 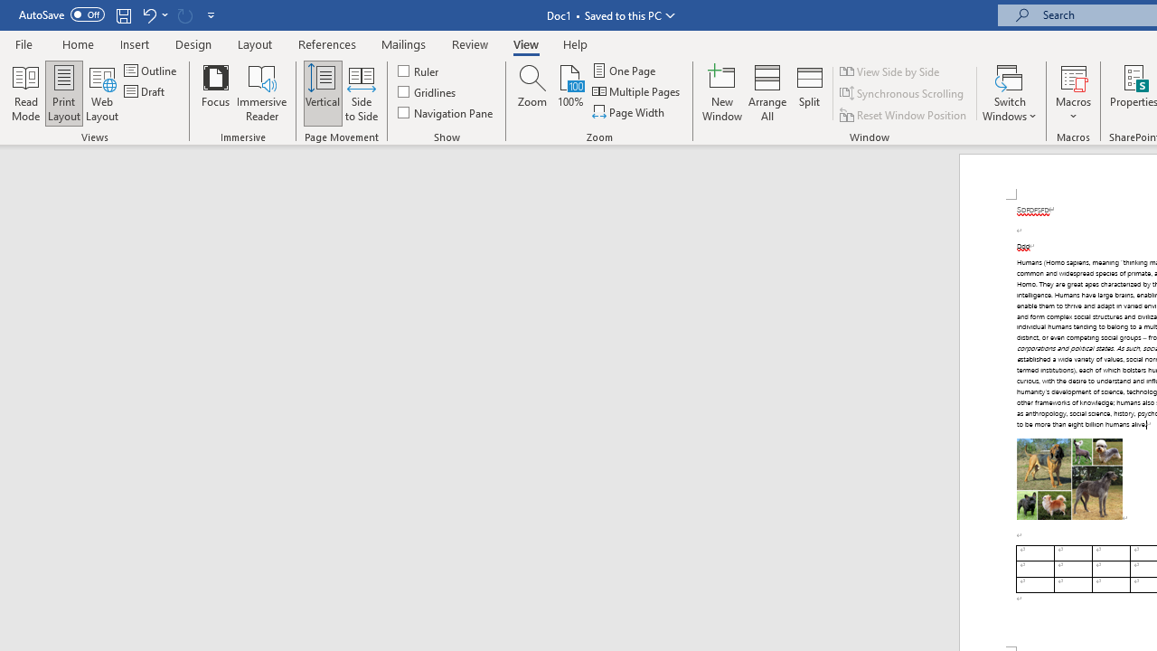 What do you see at coordinates (809, 93) in the screenshot?
I see `'Split'` at bounding box center [809, 93].